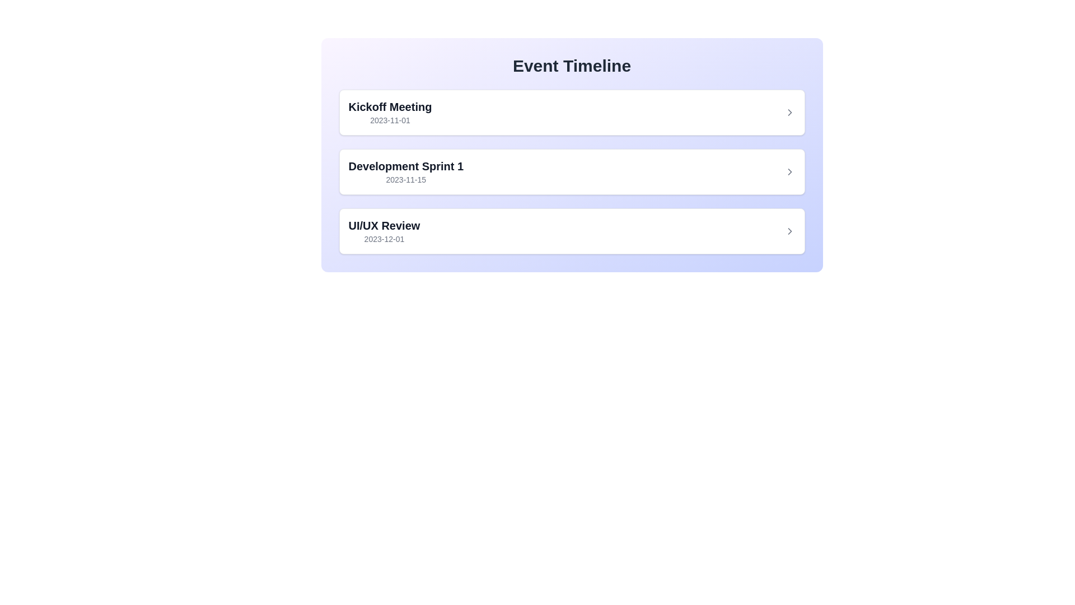 Image resolution: width=1075 pixels, height=605 pixels. What do you see at coordinates (572, 230) in the screenshot?
I see `the third item in the event timeline list, which represents the 'UI/UX Review' event scheduled for '2023-12-01'` at bounding box center [572, 230].